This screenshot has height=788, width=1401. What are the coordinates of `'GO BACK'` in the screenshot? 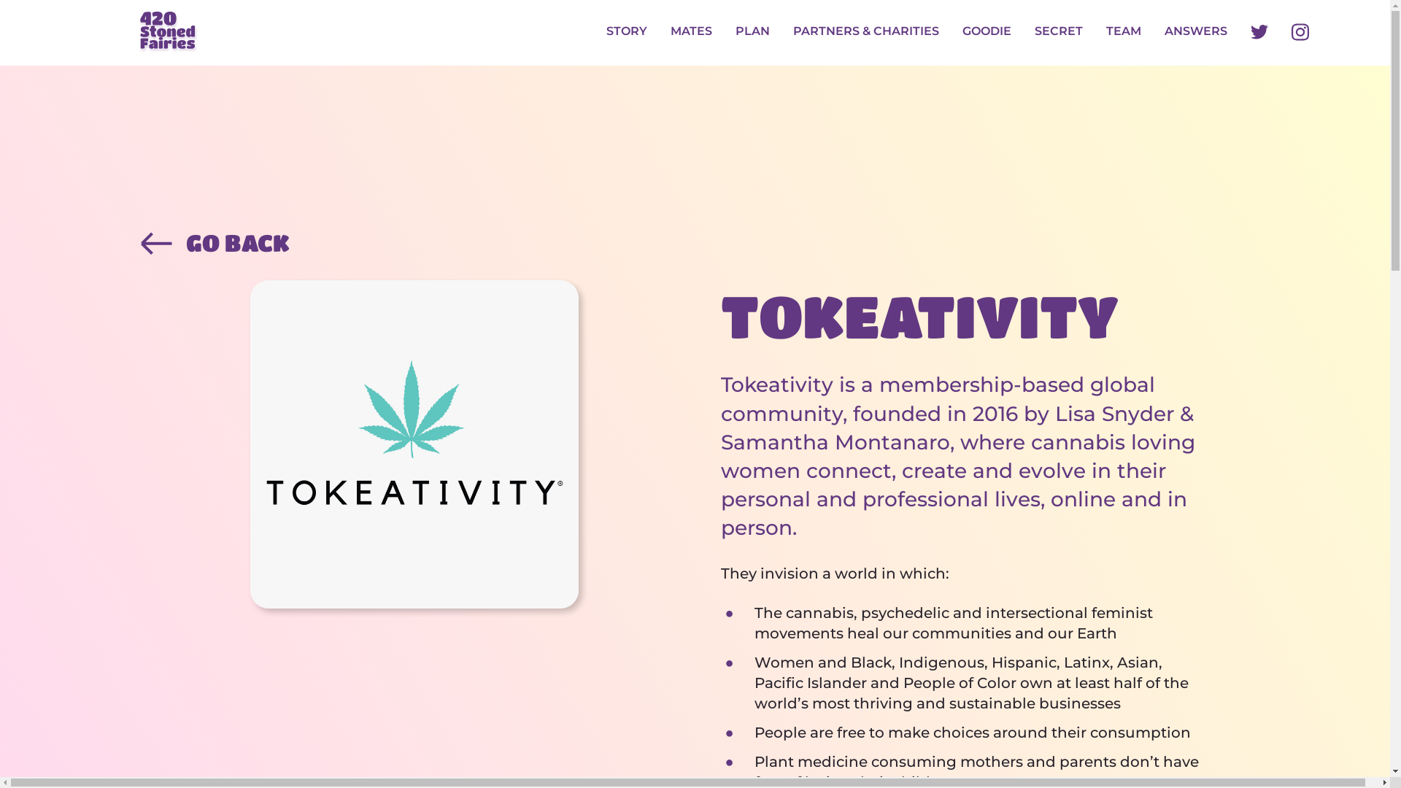 It's located at (693, 242).